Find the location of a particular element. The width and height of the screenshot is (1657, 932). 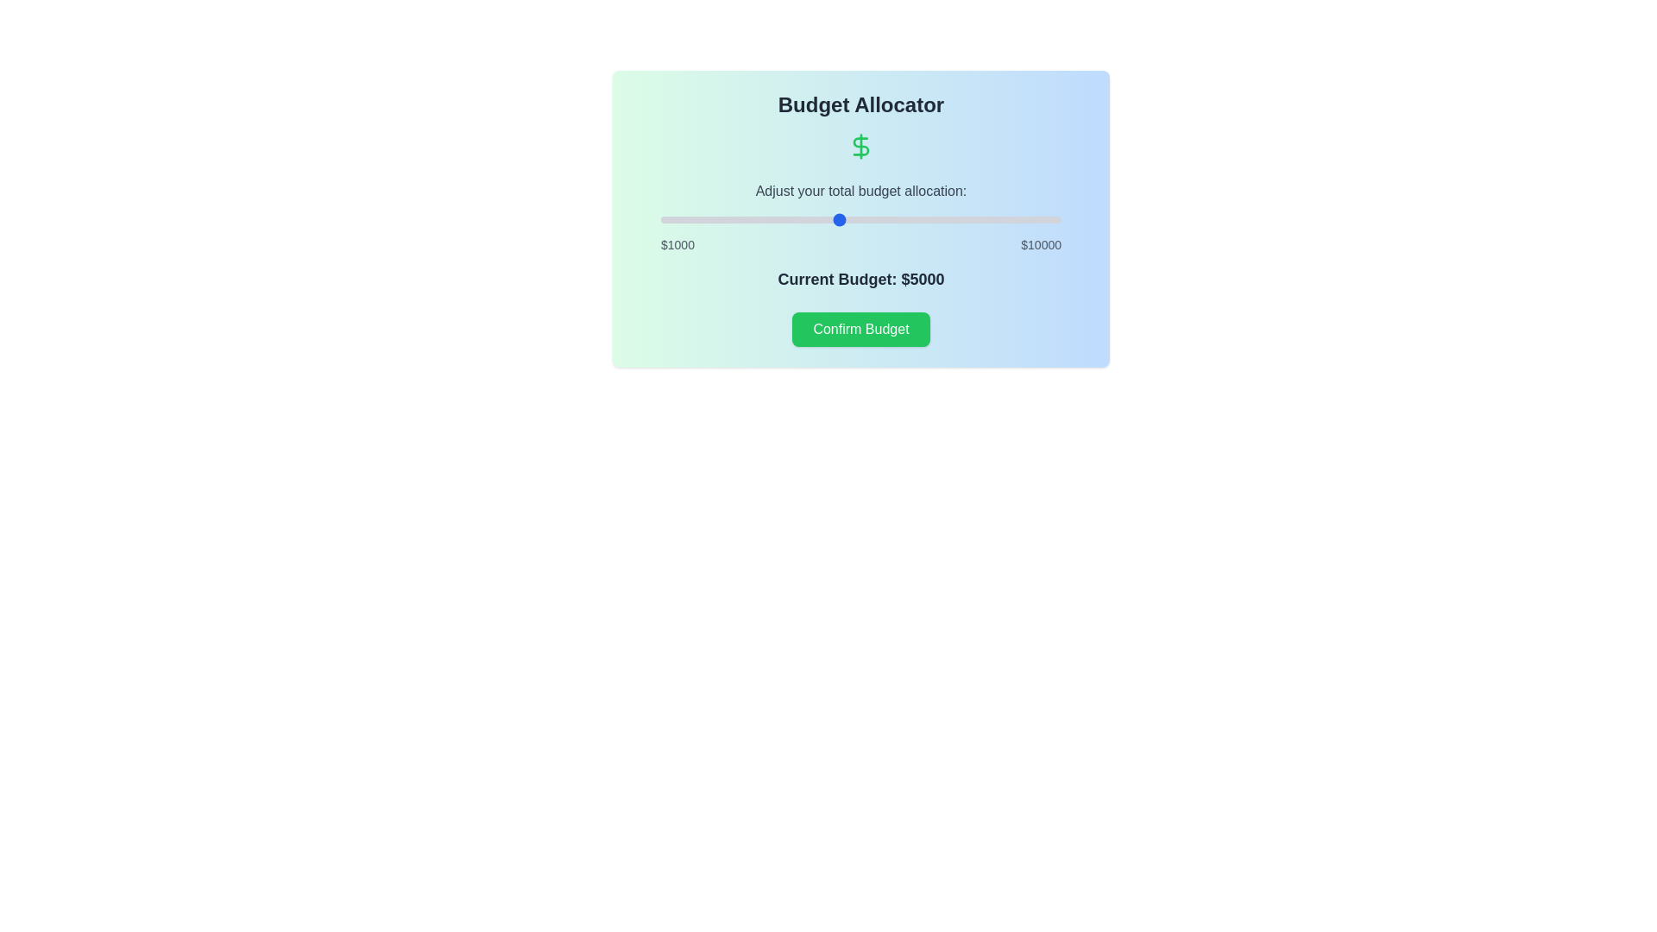

the 'Confirm Budget' button is located at coordinates (861, 329).